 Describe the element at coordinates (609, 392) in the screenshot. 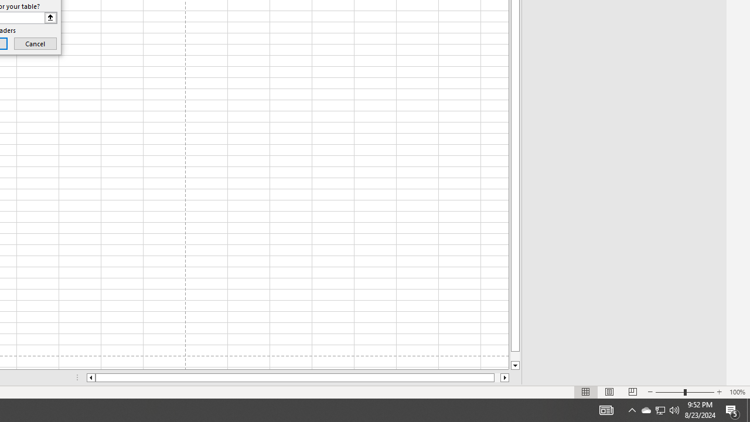

I see `'Page Layout'` at that location.